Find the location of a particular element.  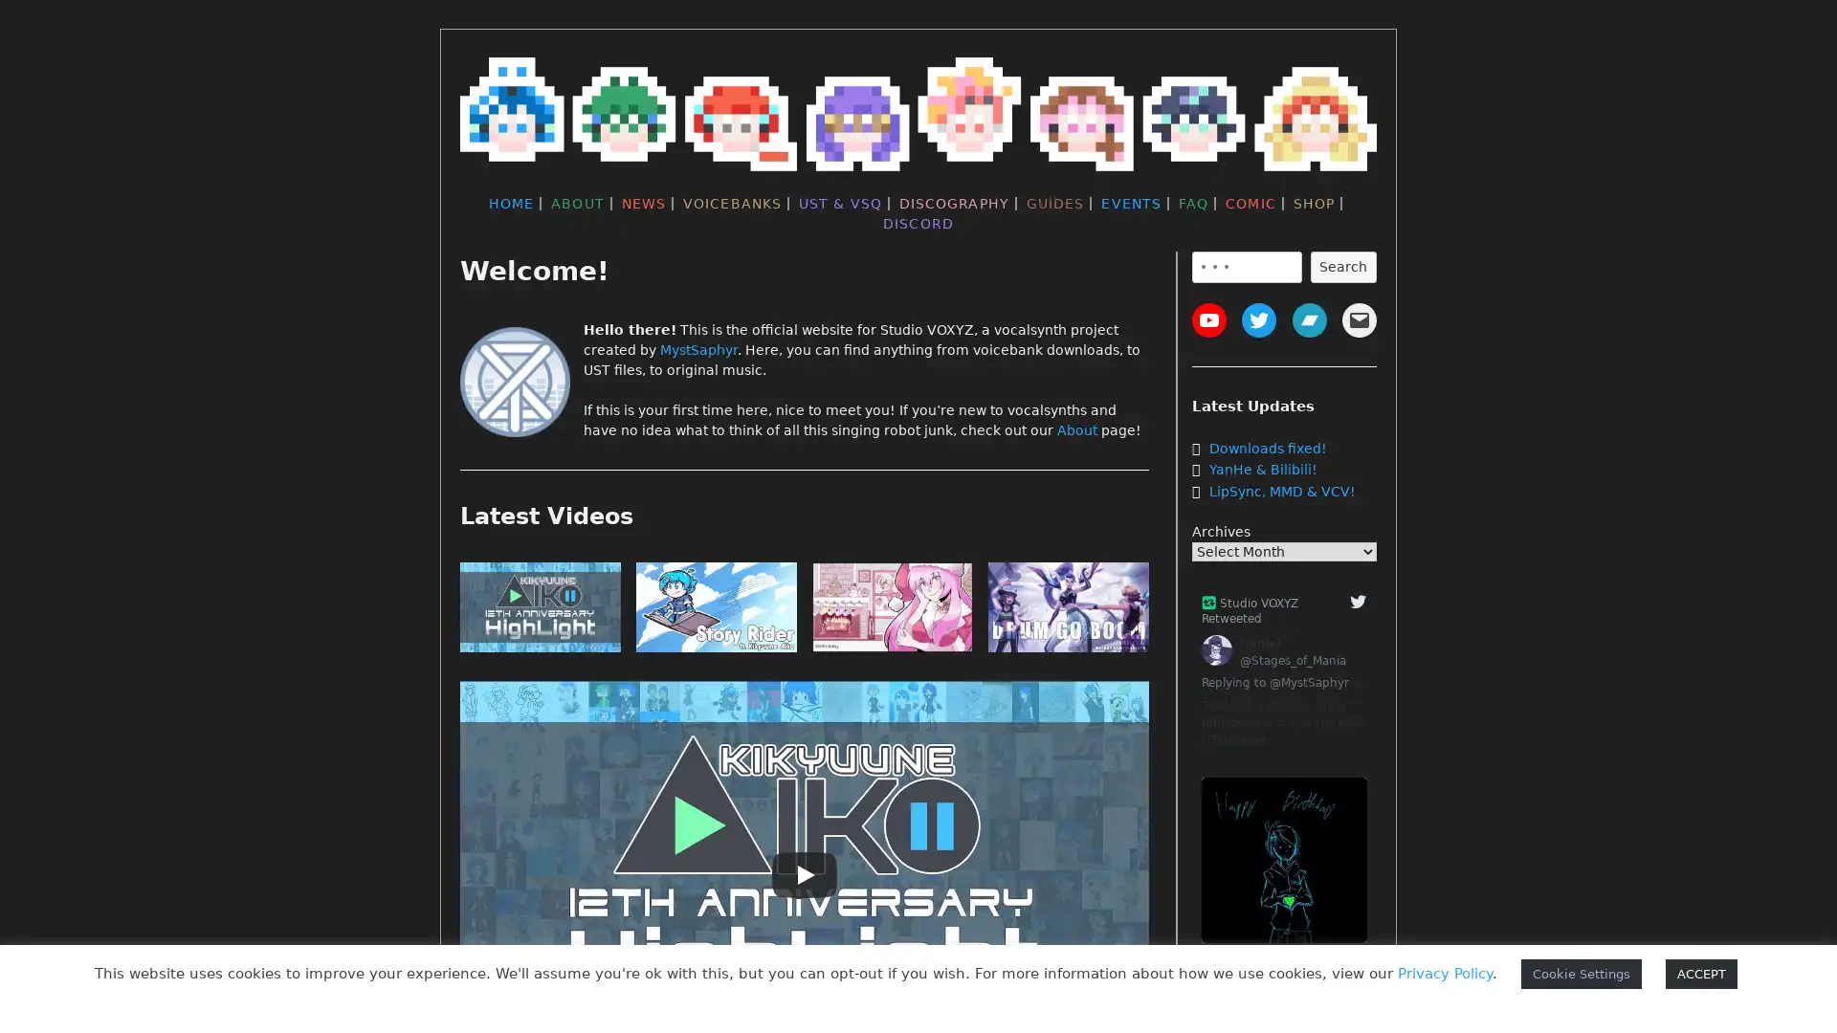

Search is located at coordinates (1341, 266).